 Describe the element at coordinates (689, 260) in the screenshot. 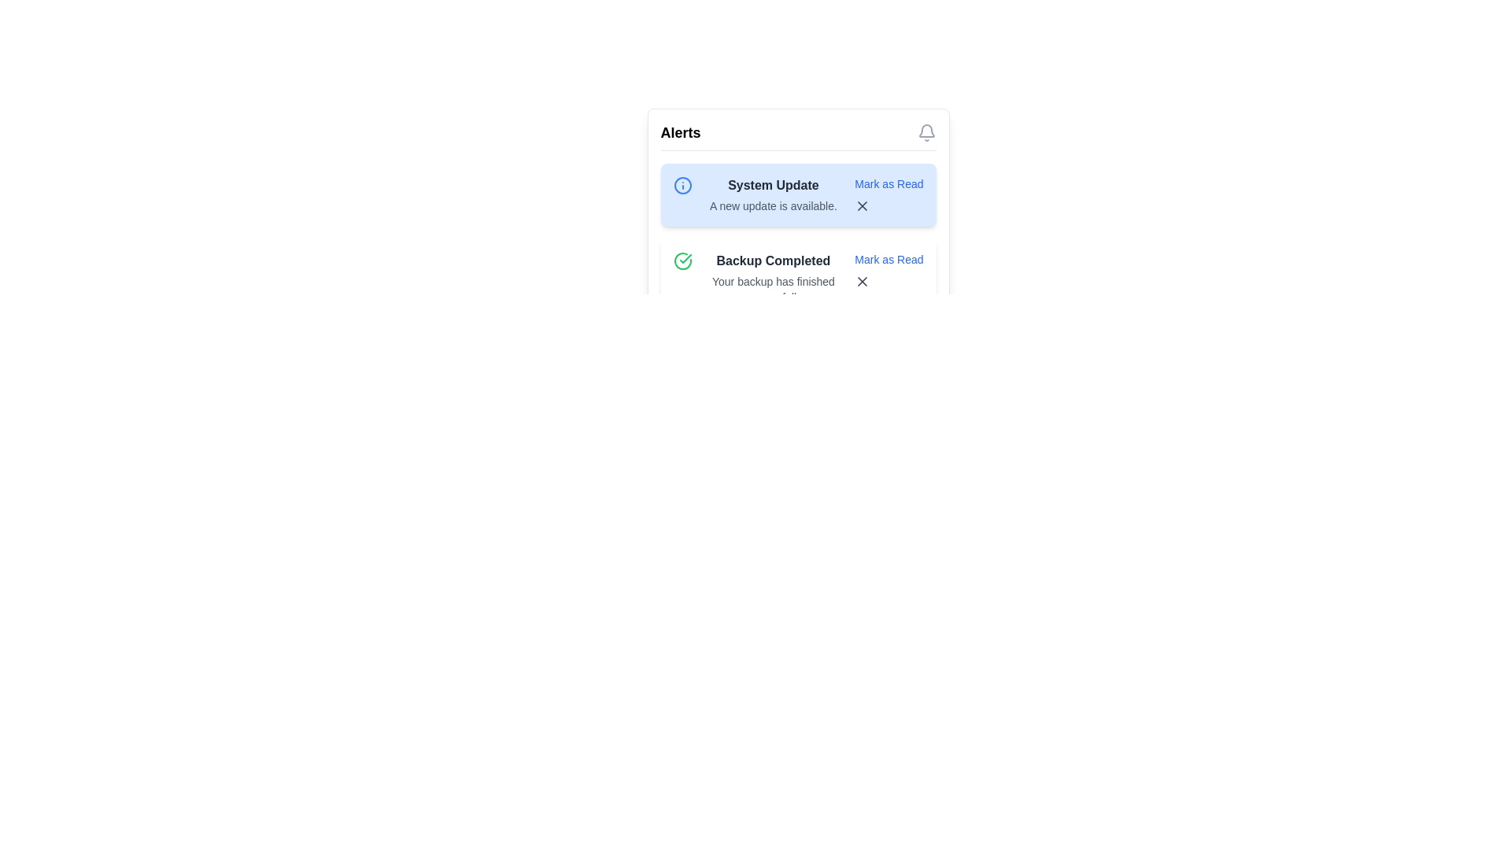

I see `the circular icon with a green checkmark inside it, located at the leftmost side of the 'Backup Completed' message card` at that location.